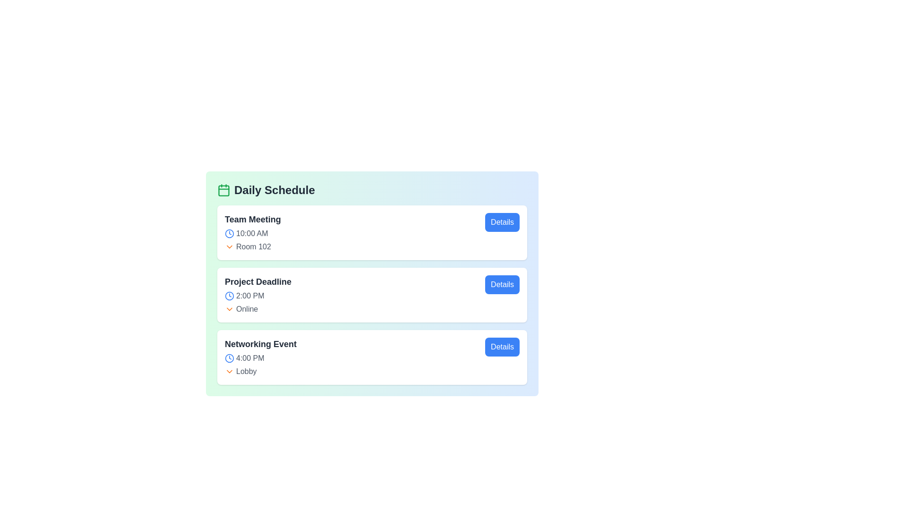 The image size is (907, 510). I want to click on the time icon located in the 'Networking Event' section of the 'Daily Schedule' card, which is positioned to the left of the '4:00 PM' text, so click(229, 358).